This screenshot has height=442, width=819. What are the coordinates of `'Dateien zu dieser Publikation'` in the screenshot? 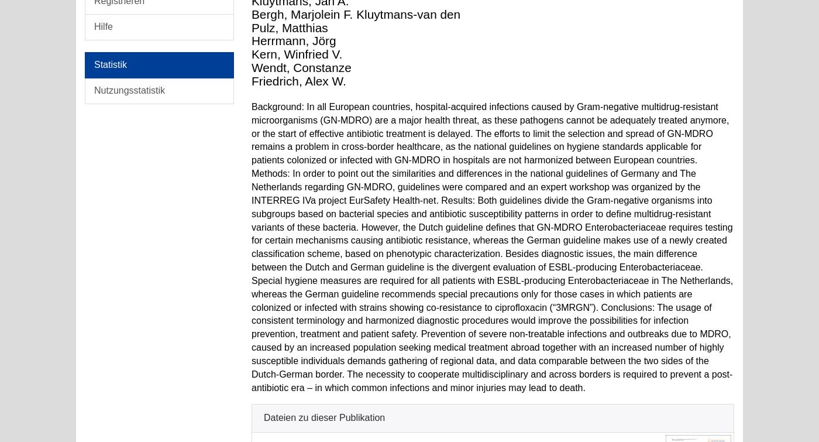 It's located at (324, 417).